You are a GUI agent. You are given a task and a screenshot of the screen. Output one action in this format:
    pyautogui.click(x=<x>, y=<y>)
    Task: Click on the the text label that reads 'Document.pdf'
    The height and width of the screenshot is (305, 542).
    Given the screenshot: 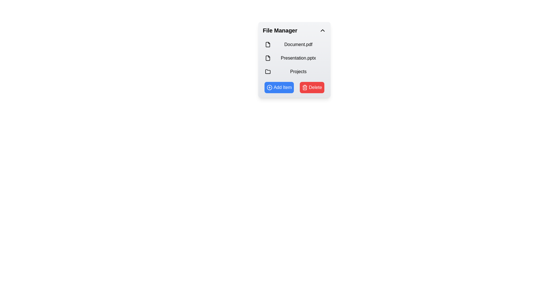 What is the action you would take?
    pyautogui.click(x=298, y=44)
    